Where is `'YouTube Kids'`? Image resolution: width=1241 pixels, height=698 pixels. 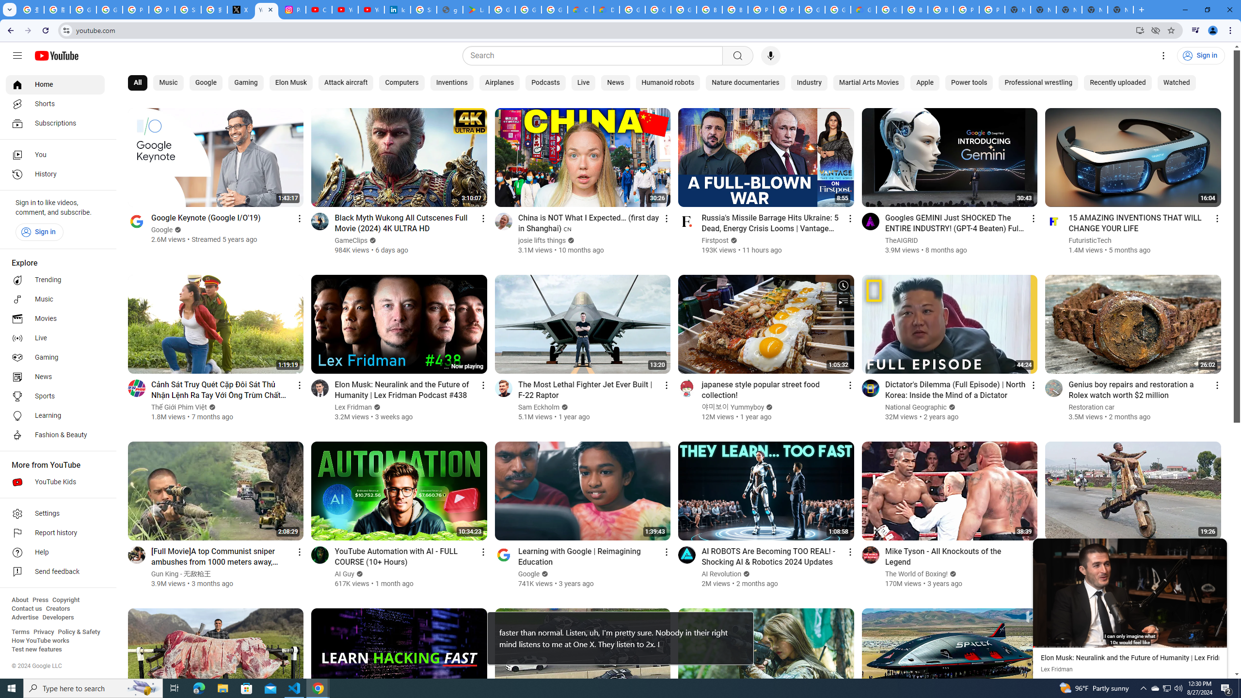
'YouTube Kids' is located at coordinates (55, 482).